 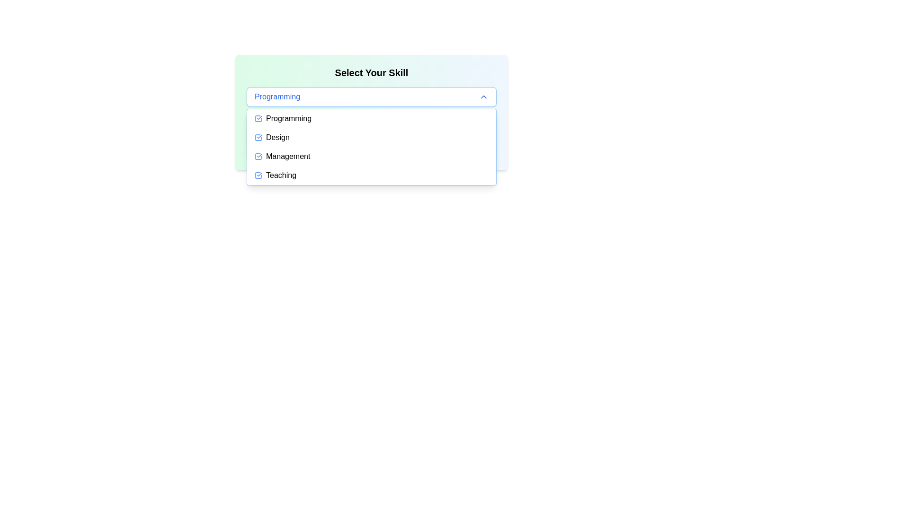 What do you see at coordinates (371, 175) in the screenshot?
I see `the 'Teaching' dropdown menu item, which is the fourth item in the vertical dropdown list under 'Select Your Skill'` at bounding box center [371, 175].